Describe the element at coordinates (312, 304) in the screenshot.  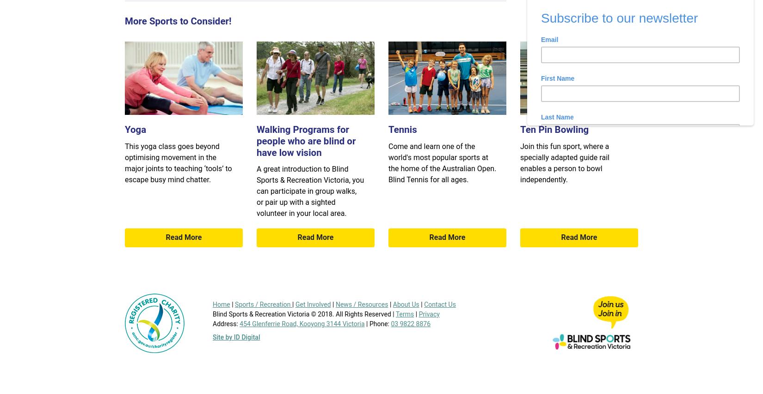
I see `'Get Involved'` at that location.